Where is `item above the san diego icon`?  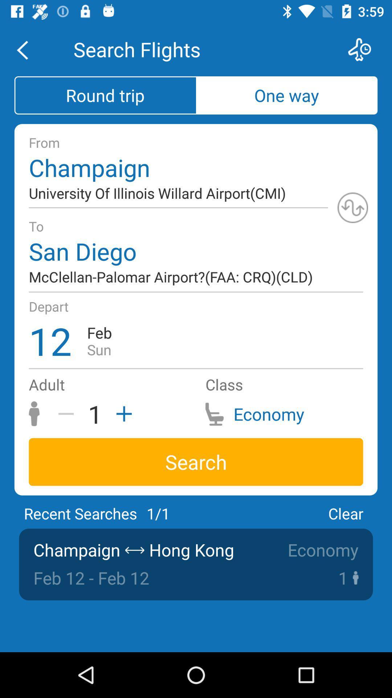
item above the san diego icon is located at coordinates (352, 207).